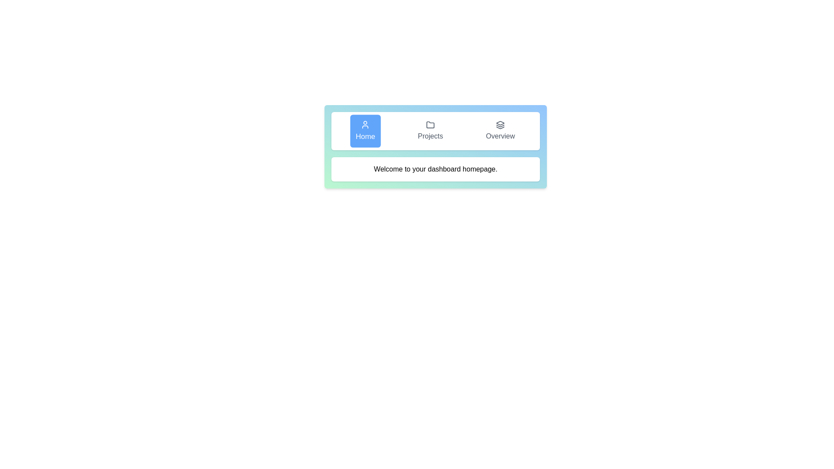  I want to click on the decorative graphical icon located in the top-right section of the interface that indicates layers or stacking, so click(500, 123).